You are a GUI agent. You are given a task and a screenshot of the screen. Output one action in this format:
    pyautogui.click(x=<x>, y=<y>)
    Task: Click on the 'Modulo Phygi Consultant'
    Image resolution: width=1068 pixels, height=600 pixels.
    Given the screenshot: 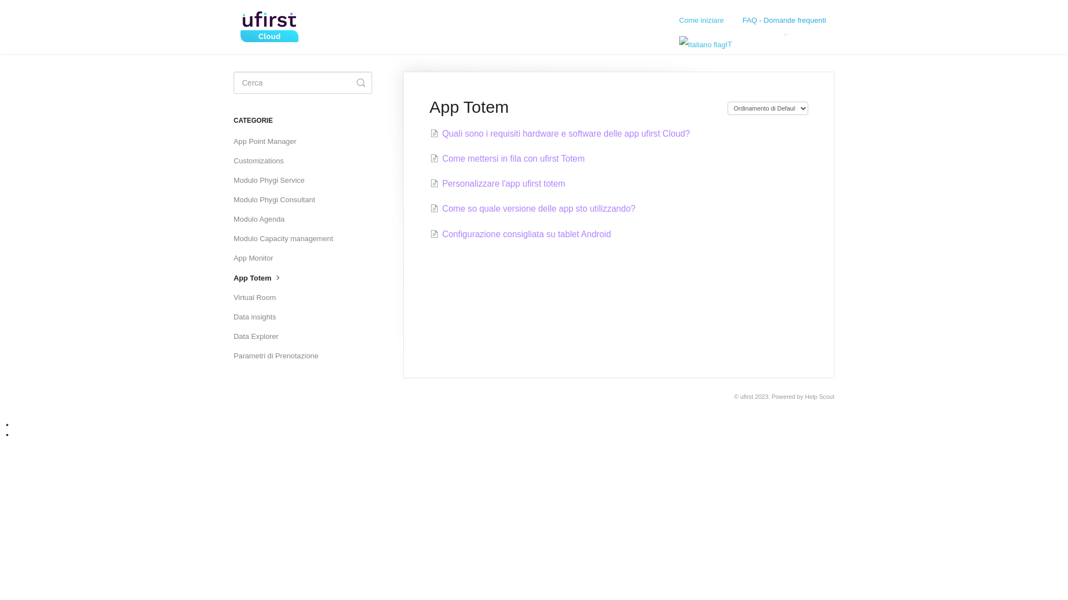 What is the action you would take?
    pyautogui.click(x=278, y=199)
    